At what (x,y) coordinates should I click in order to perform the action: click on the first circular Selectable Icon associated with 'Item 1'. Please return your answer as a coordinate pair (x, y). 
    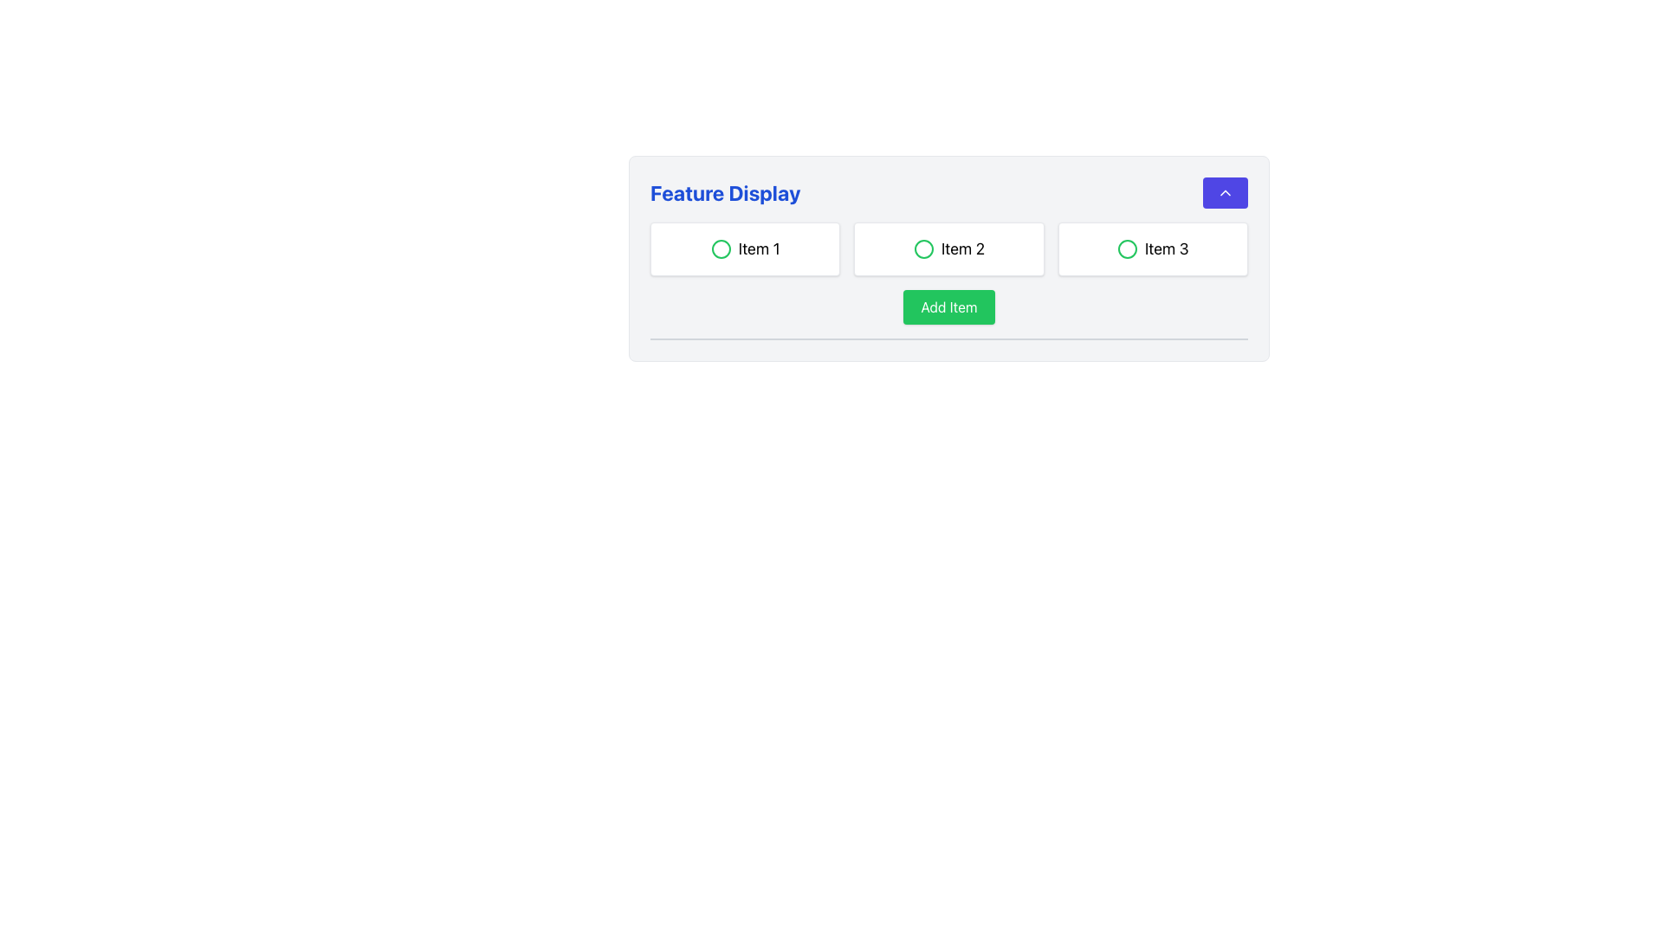
    Looking at the image, I should click on (721, 249).